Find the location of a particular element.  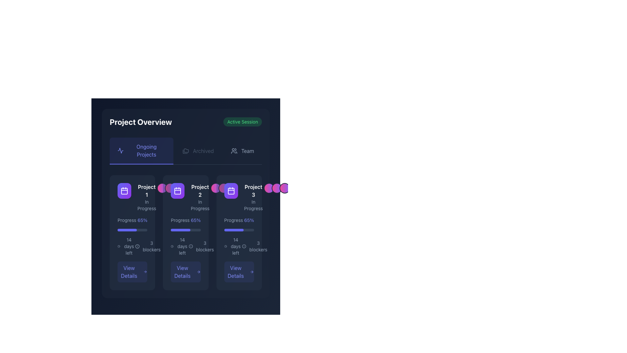

the 'In Progress' label located in the 'Project 2' card, which is styled with light grey text on a dark background is located at coordinates (200, 205).